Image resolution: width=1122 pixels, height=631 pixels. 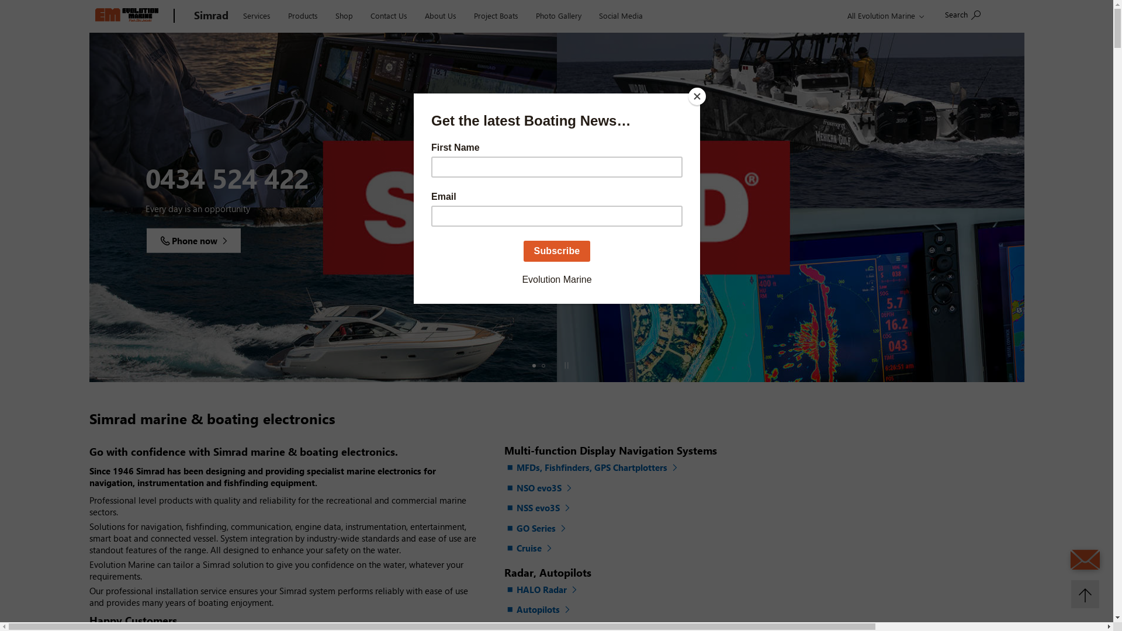 I want to click on 'Advertisement', so click(x=911, y=519).